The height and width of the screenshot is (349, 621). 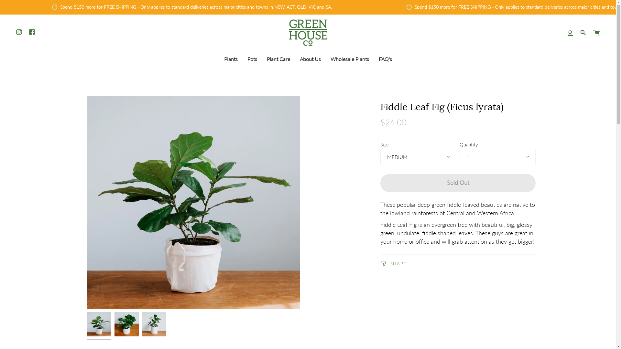 What do you see at coordinates (497, 157) in the screenshot?
I see `'1'` at bounding box center [497, 157].